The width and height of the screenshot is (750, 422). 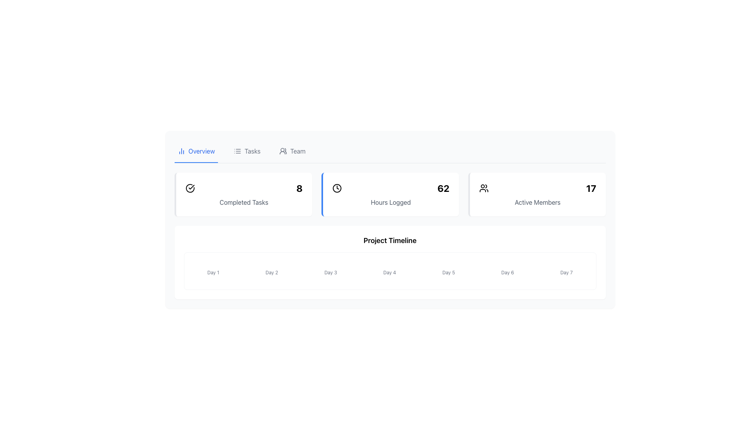 What do you see at coordinates (391, 202) in the screenshot?
I see `the text label that describes the logged hours ('62') located within the second card from the left in a row of three cards` at bounding box center [391, 202].